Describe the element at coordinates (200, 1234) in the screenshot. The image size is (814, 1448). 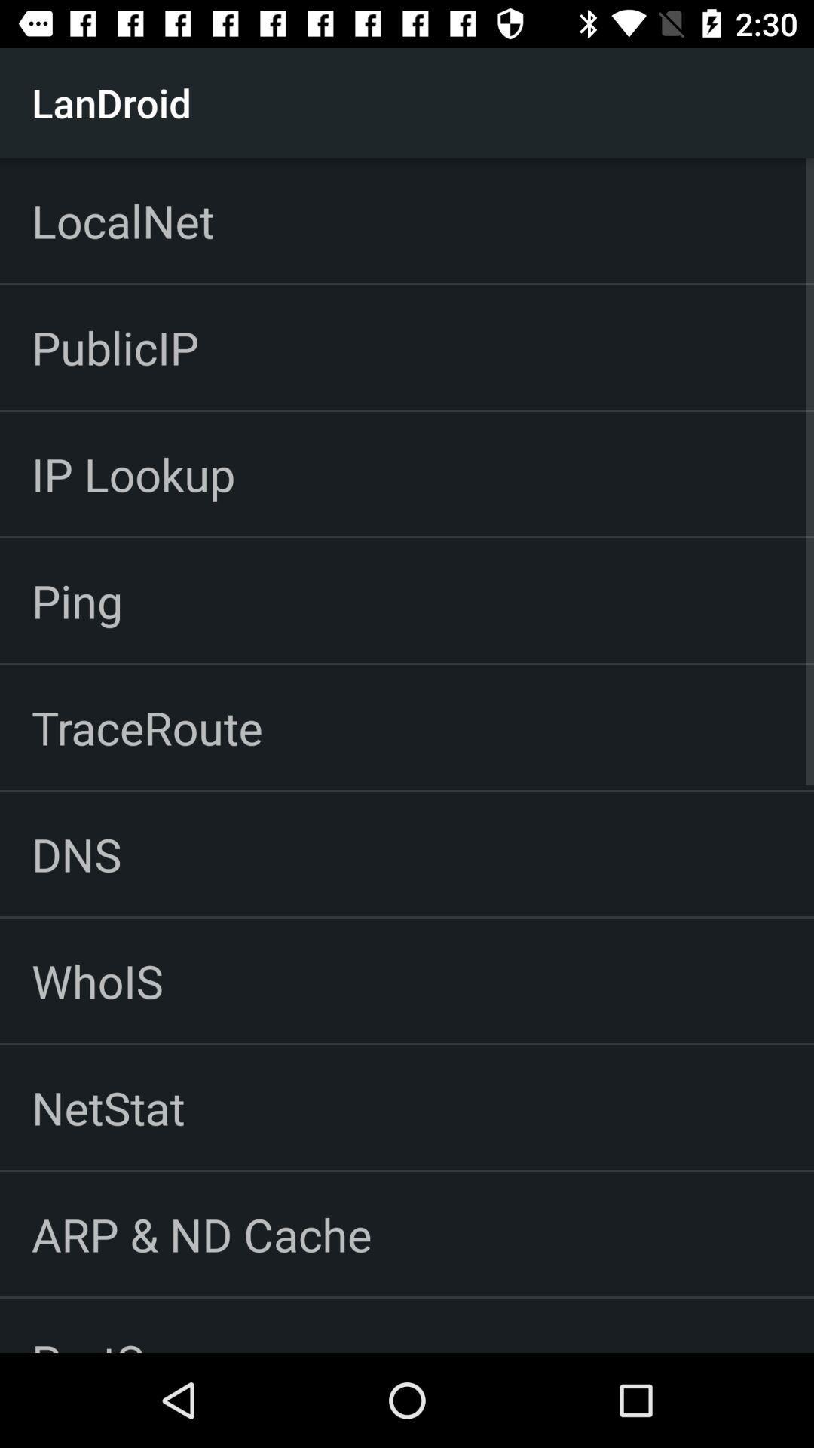
I see `the item above the portscan` at that location.